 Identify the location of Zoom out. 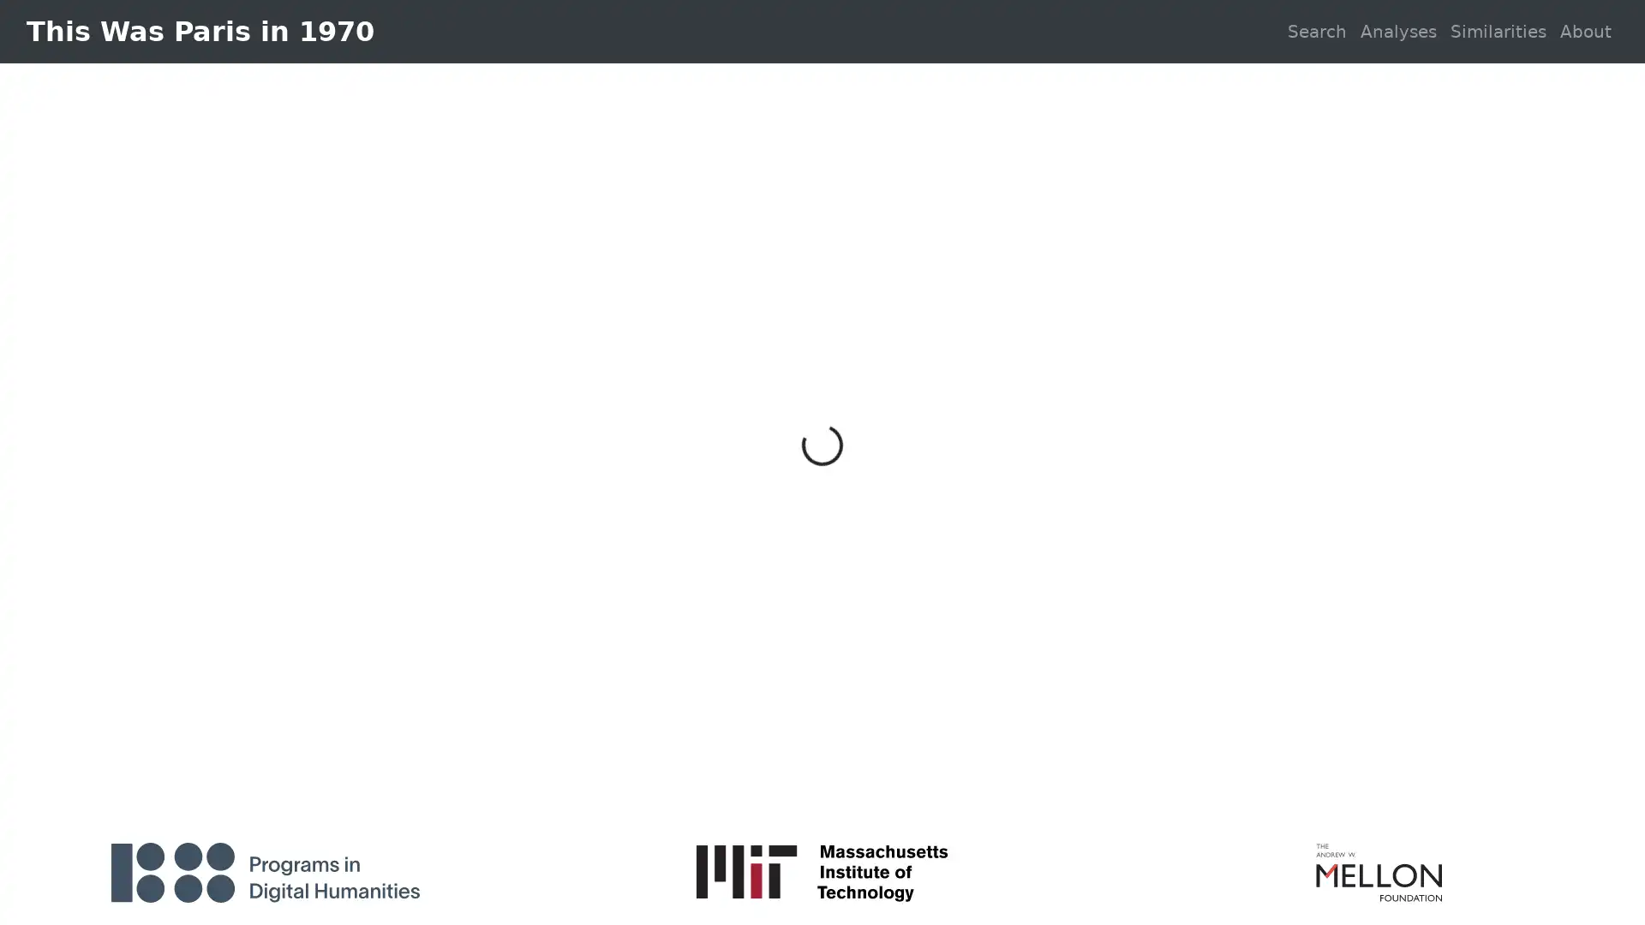
(23, 806).